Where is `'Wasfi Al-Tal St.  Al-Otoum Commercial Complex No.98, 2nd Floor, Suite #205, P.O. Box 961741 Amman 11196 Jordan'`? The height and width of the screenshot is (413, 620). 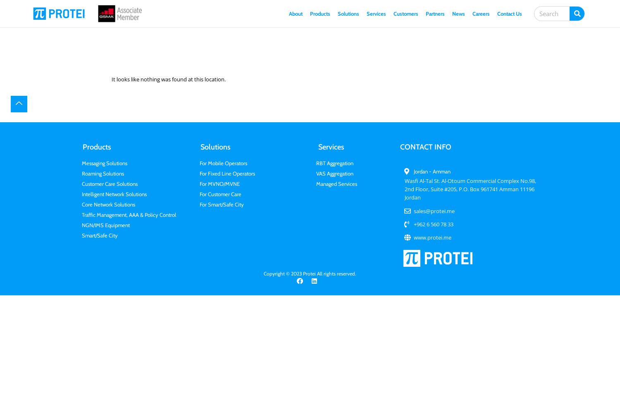 'Wasfi Al-Tal St.  Al-Otoum Commercial Complex No.98, 2nd Floor, Suite #205, P.O. Box 961741 Amman 11196 Jordan' is located at coordinates (470, 188).